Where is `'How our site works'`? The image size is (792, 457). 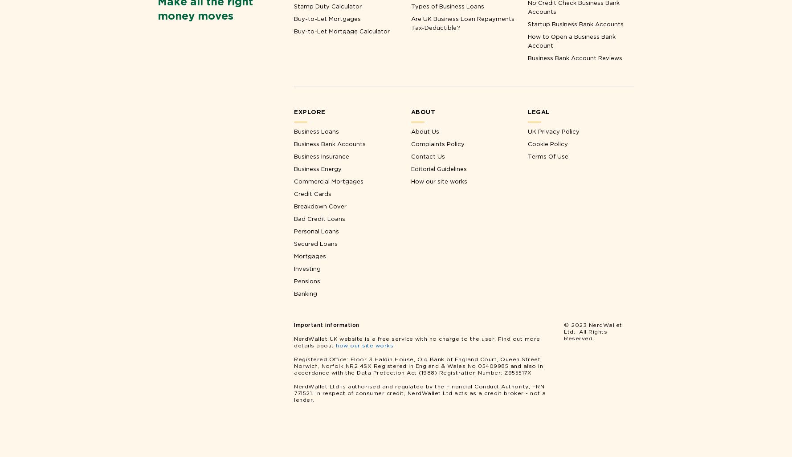 'How our site works' is located at coordinates (438, 180).